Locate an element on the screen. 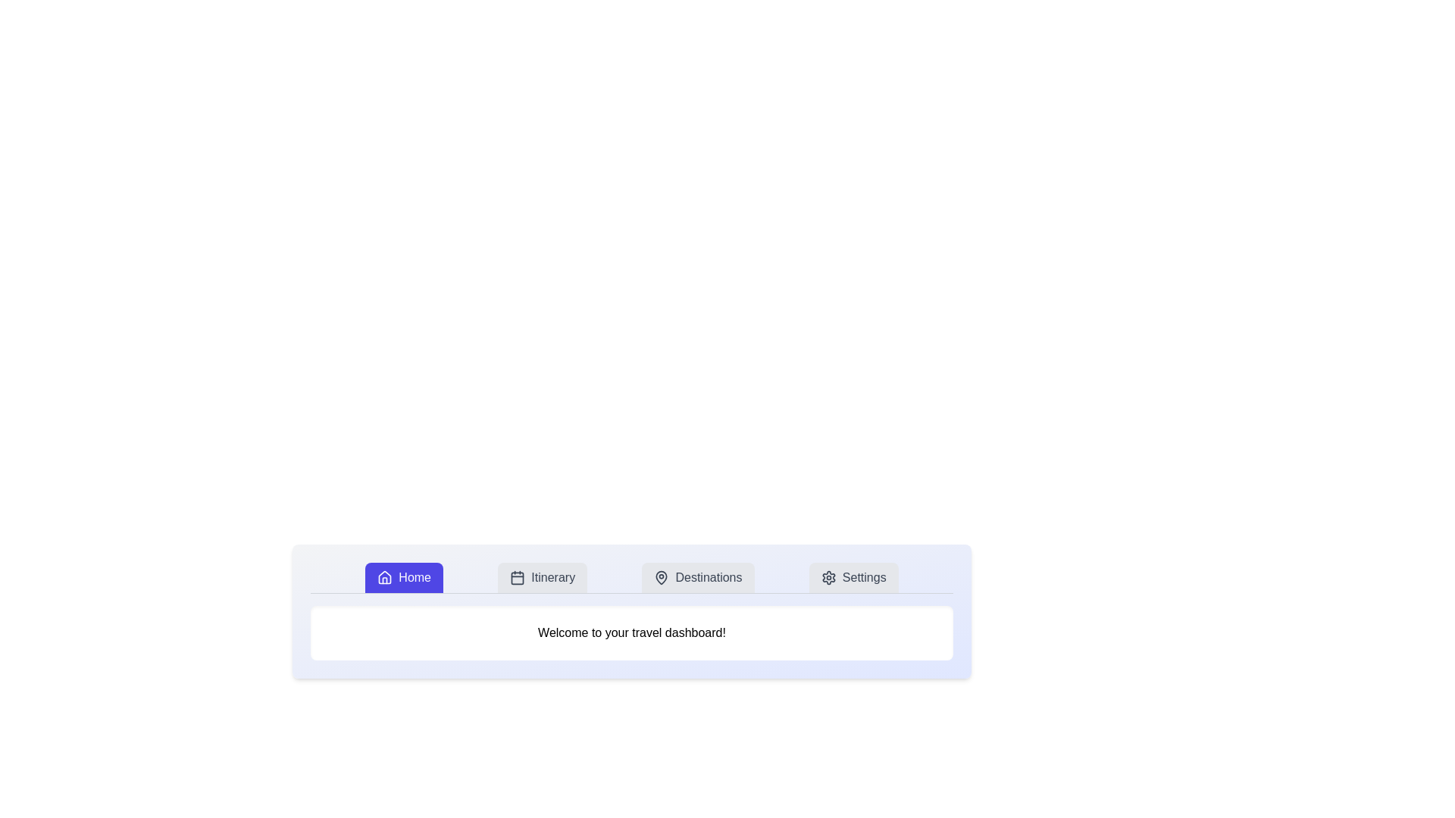  the settings icon located at the rightmost position of the navigation row is located at coordinates (828, 578).